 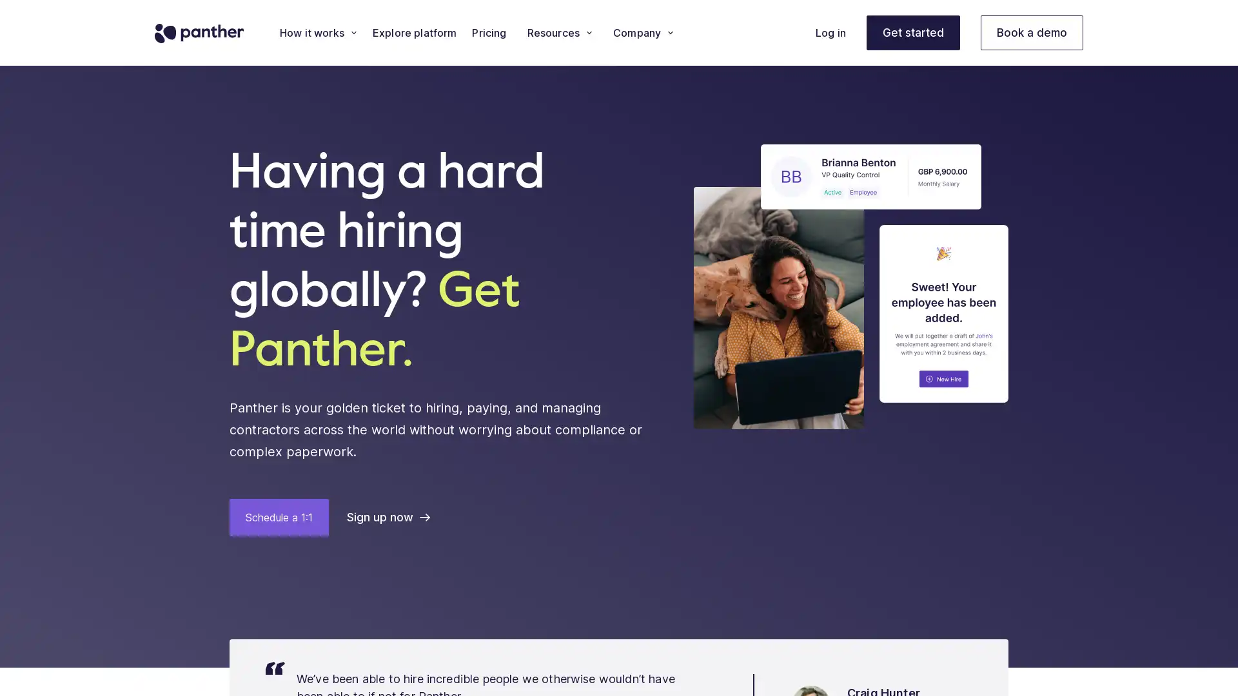 What do you see at coordinates (1205, 663) in the screenshot?
I see `Open Intercom Messenger` at bounding box center [1205, 663].